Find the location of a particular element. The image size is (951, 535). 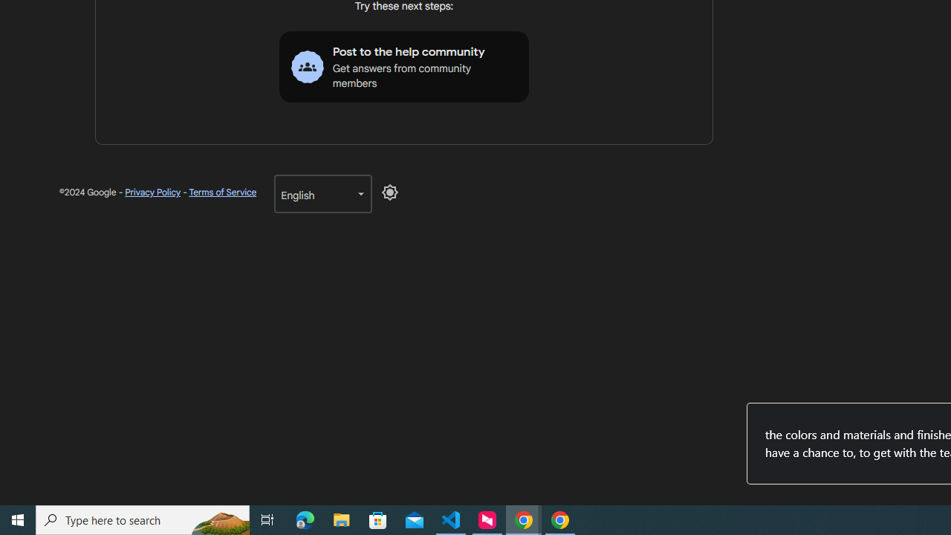

'Disable Dark Mode' is located at coordinates (390, 192).